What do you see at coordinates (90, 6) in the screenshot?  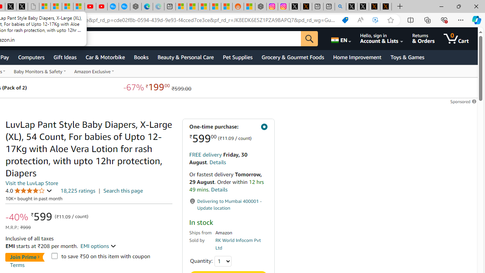 I see `'Gloom - YouTube'` at bounding box center [90, 6].